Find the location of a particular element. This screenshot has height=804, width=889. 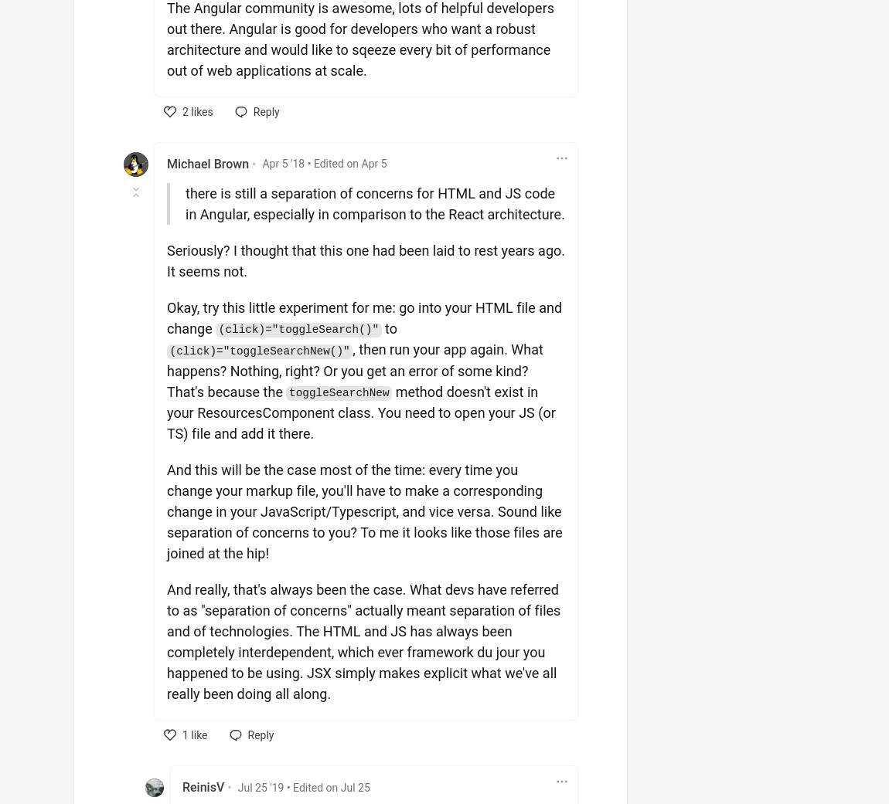

'like' is located at coordinates (196, 734).